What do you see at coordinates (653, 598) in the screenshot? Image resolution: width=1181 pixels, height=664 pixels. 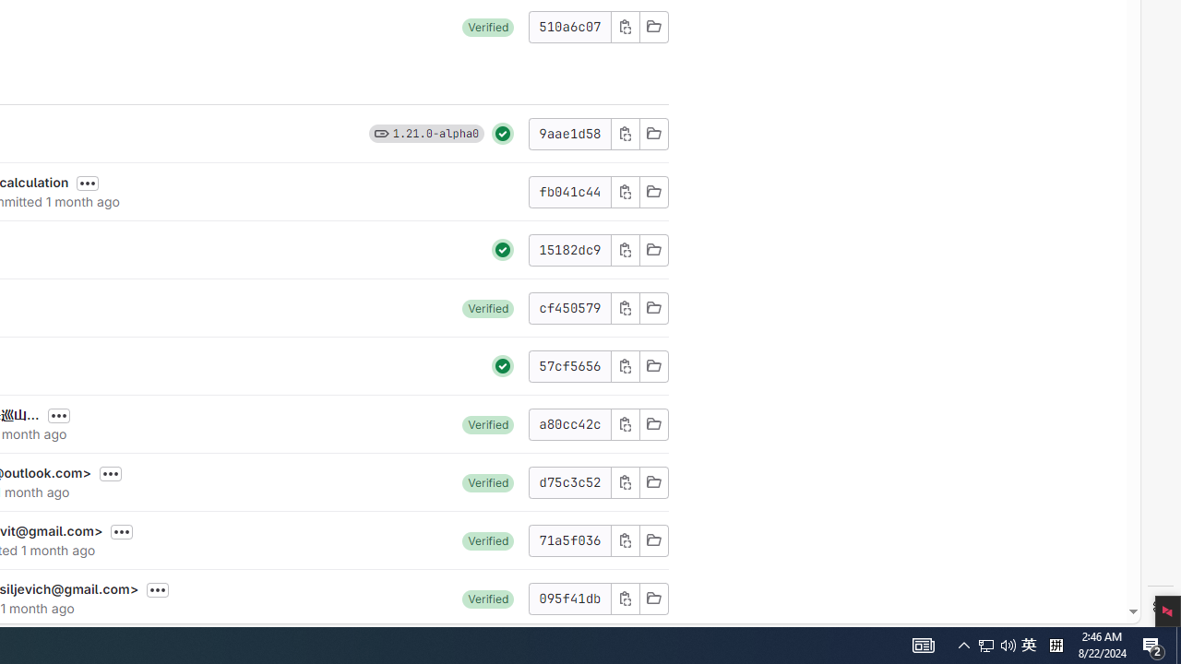 I see `'Class: s16'` at bounding box center [653, 598].